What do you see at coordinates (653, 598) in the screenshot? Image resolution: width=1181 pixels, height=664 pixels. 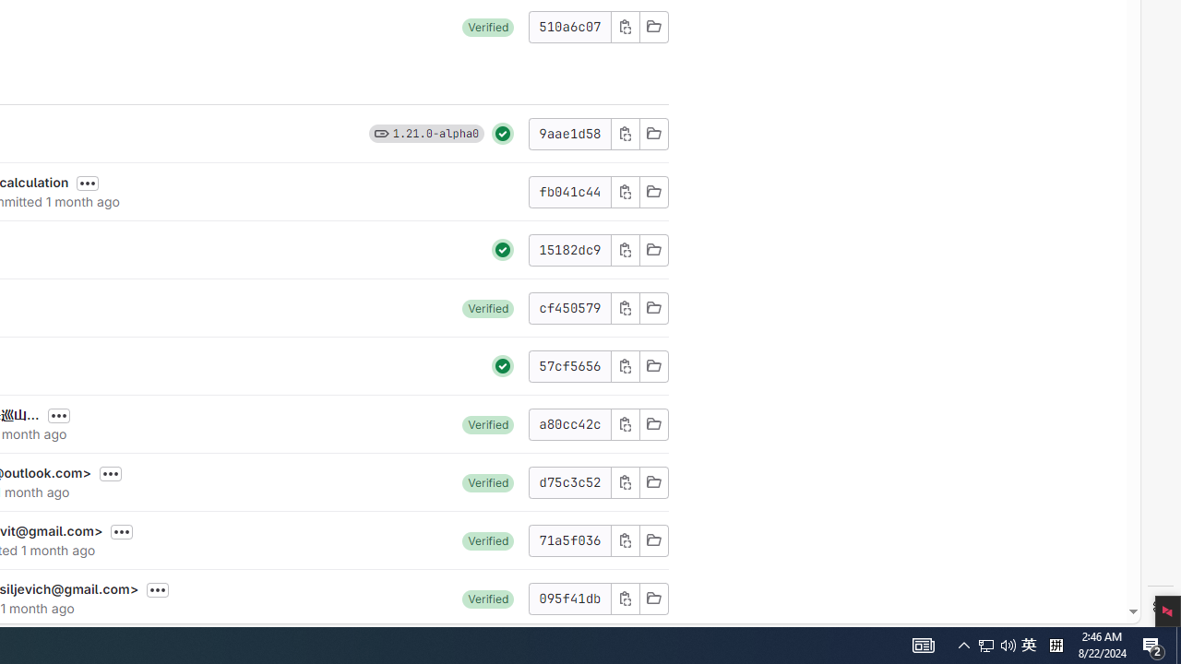 I see `'Class: s16'` at bounding box center [653, 598].